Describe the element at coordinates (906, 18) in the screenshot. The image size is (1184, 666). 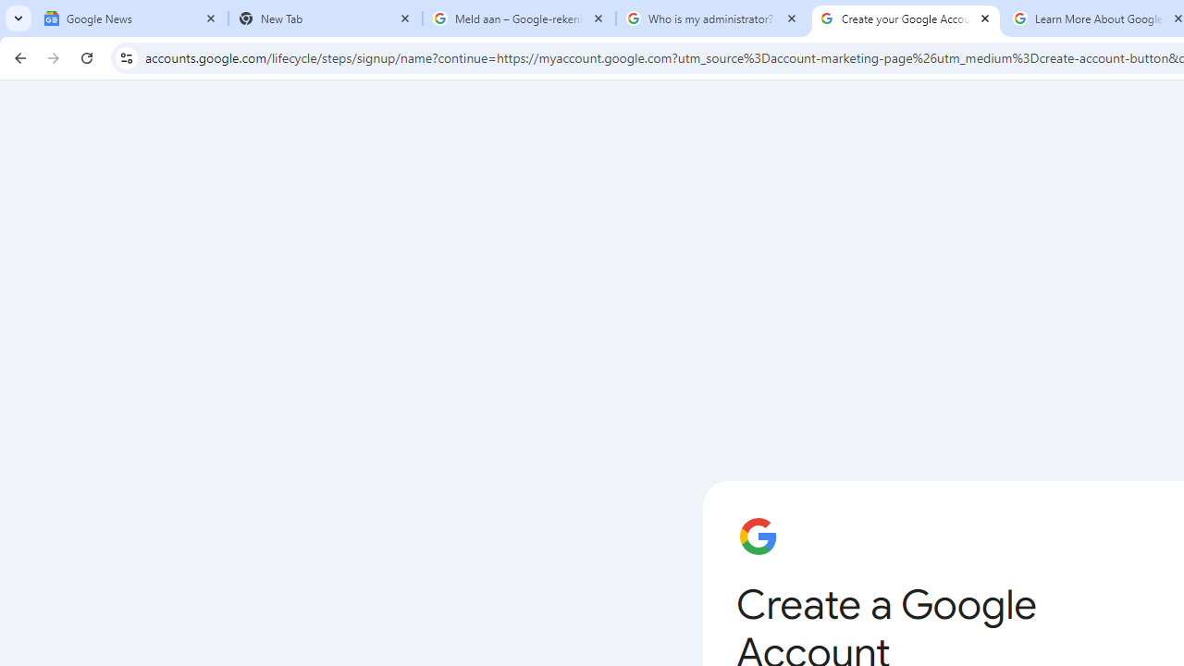
I see `'Create your Google Account'` at that location.